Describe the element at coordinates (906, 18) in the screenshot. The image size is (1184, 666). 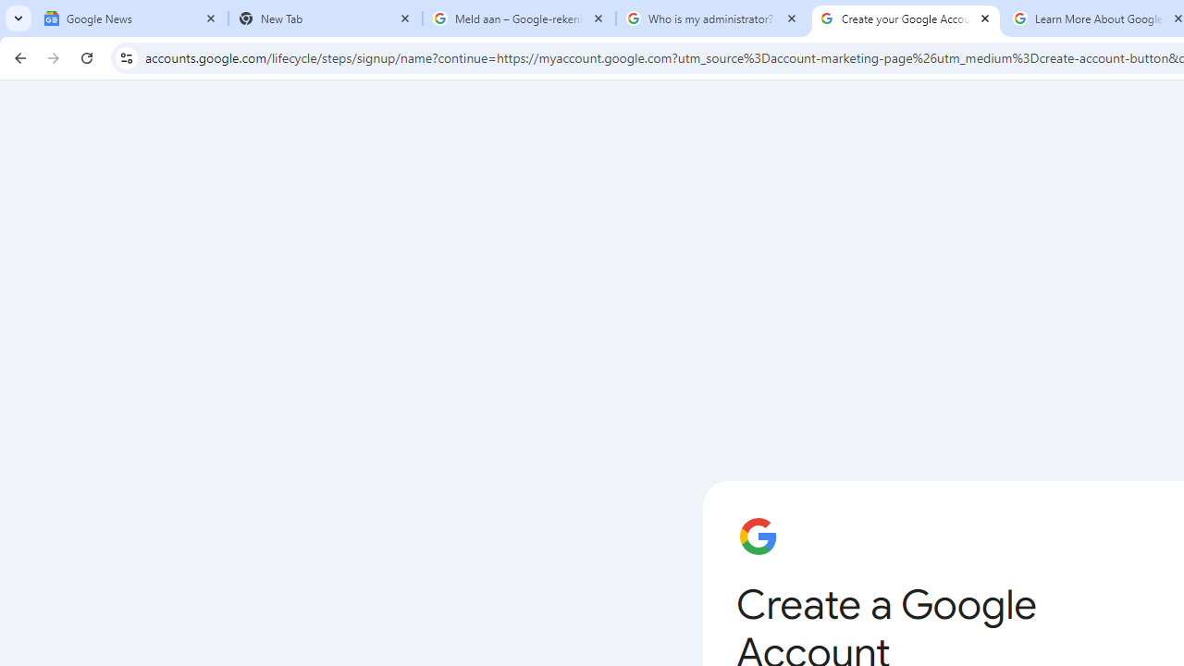
I see `'Create your Google Account'` at that location.